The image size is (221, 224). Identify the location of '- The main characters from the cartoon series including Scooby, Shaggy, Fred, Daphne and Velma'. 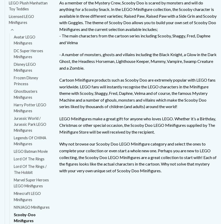
(134, 39).